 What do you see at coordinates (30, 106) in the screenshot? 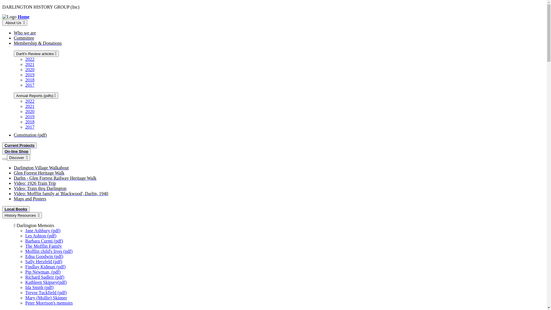
I see `'2021'` at bounding box center [30, 106].